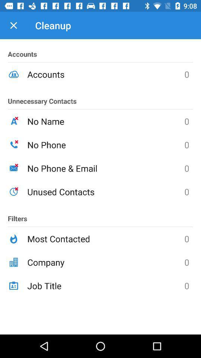  I want to click on the item below unnecessary contacts icon, so click(105, 121).